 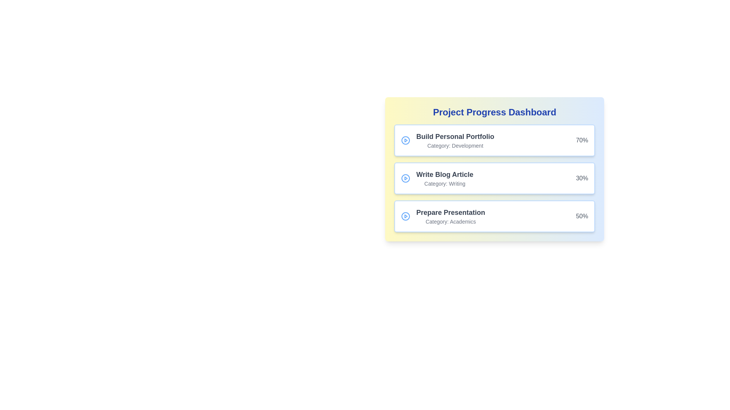 What do you see at coordinates (494, 140) in the screenshot?
I see `the first card in the Project Progress Dashboard that displays 'Build Personal Portfolio' and has a light blue border` at bounding box center [494, 140].